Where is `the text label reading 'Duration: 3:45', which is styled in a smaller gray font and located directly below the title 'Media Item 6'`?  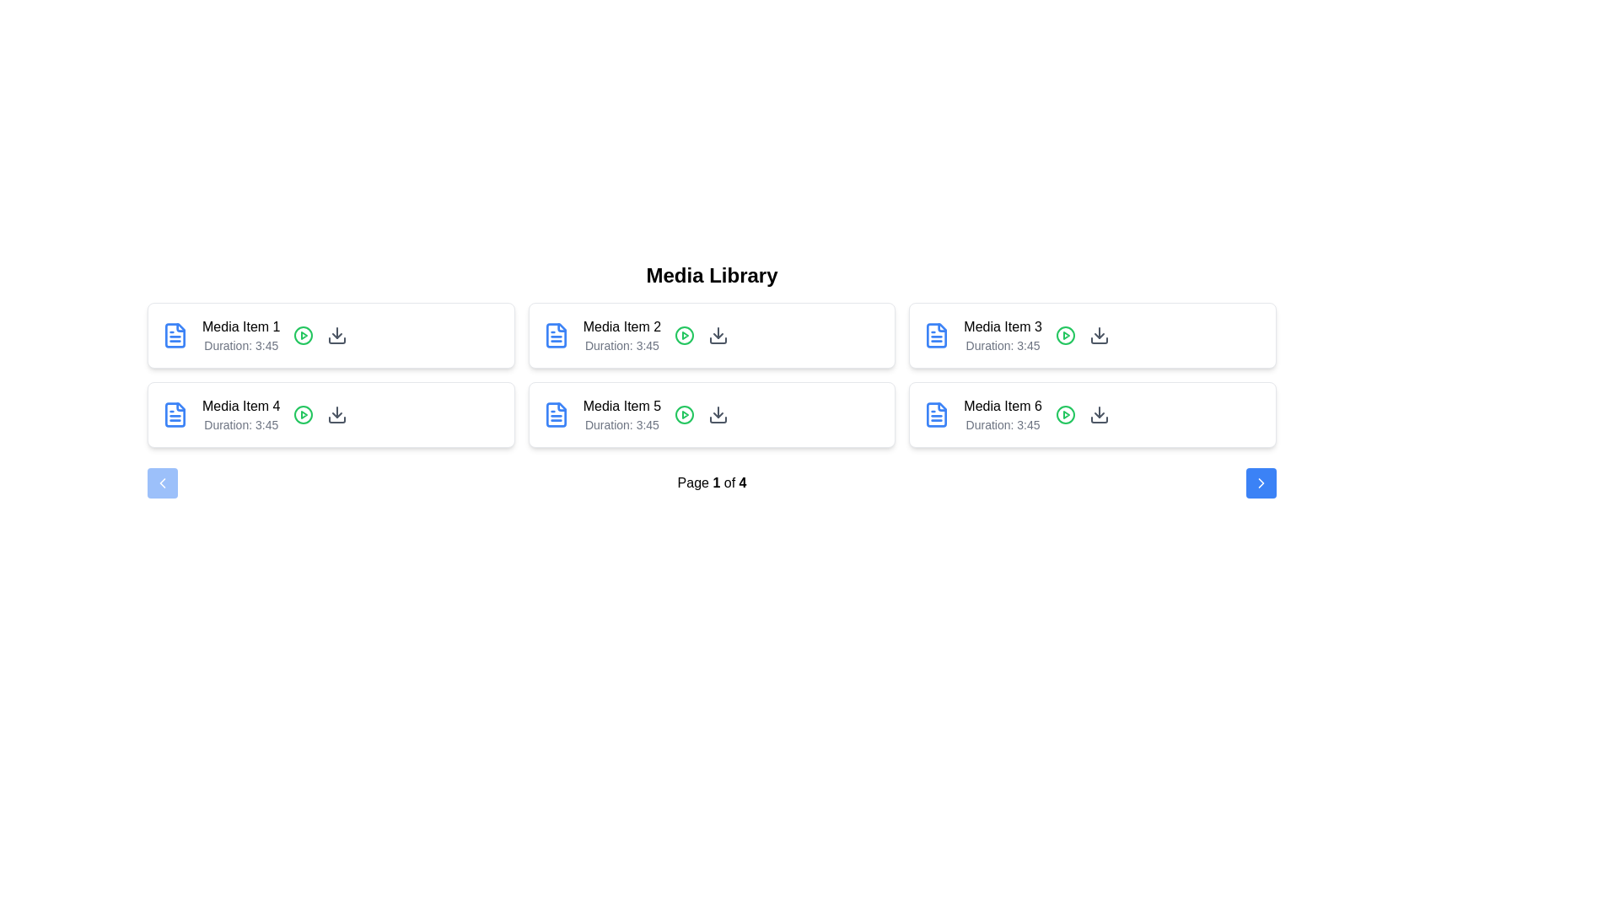 the text label reading 'Duration: 3:45', which is styled in a smaller gray font and located directly below the title 'Media Item 6' is located at coordinates (1003, 424).